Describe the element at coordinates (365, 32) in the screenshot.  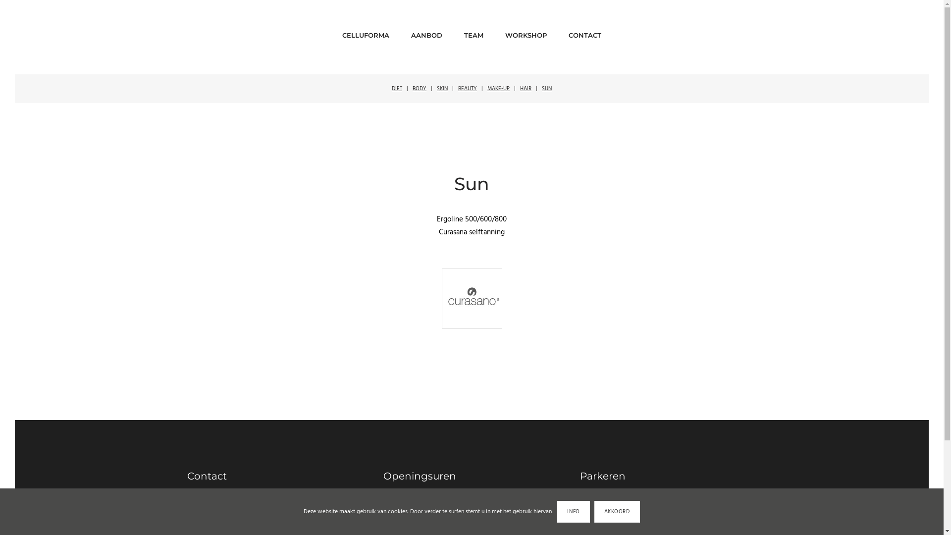
I see `'CELLUFORMA'` at that location.